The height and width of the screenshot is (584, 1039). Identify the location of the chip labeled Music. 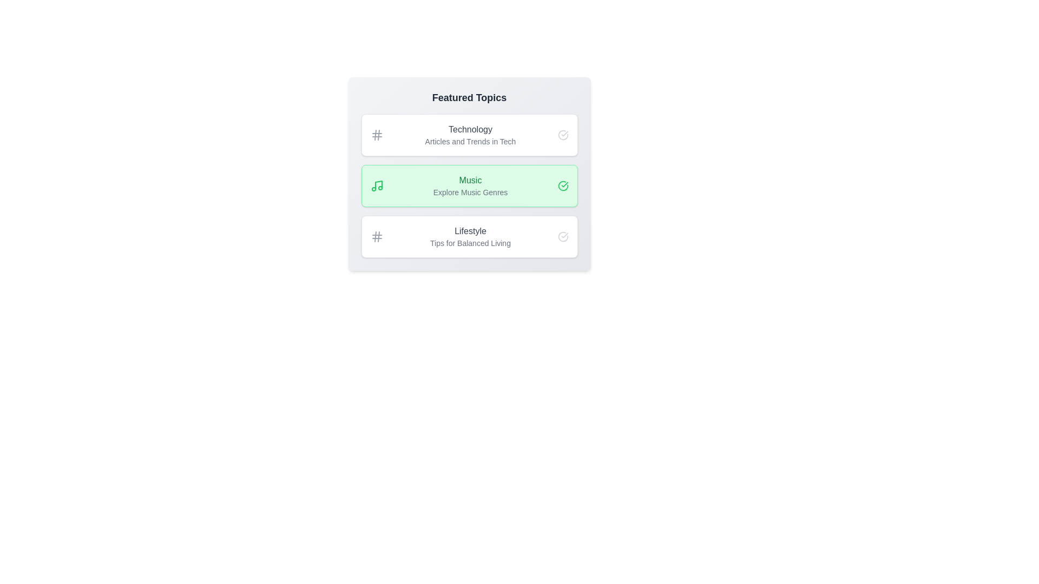
(469, 185).